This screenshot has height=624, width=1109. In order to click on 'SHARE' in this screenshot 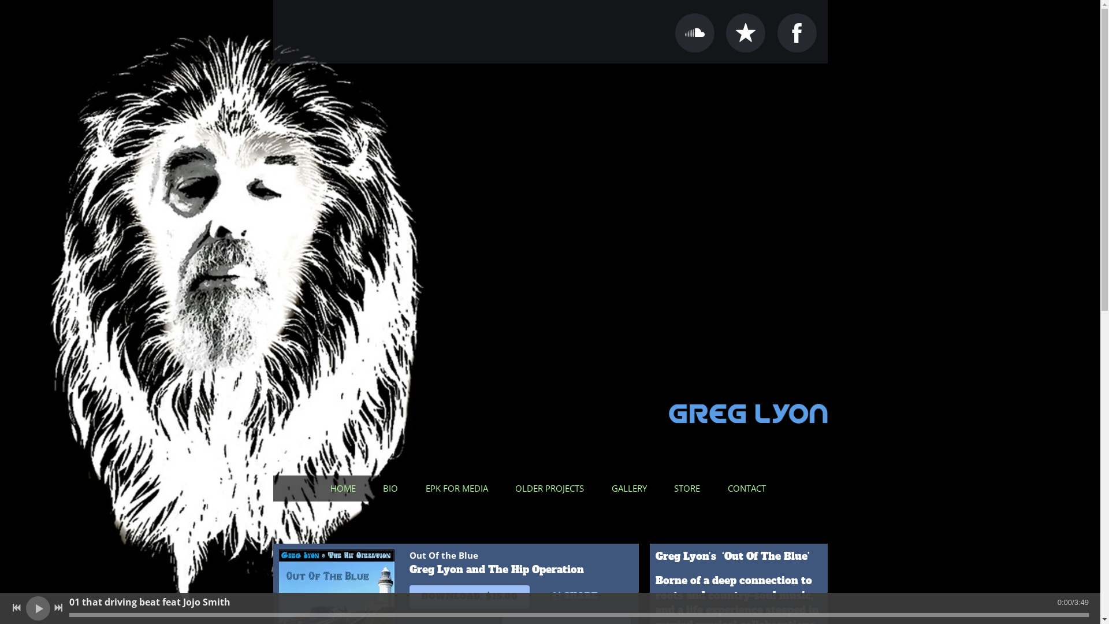, I will do `click(580, 596)`.